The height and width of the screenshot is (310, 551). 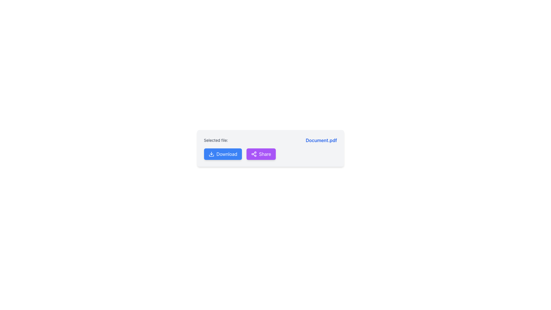 What do you see at coordinates (211, 154) in the screenshot?
I see `the download icon located to the left of the 'Download' text label within the Download button` at bounding box center [211, 154].